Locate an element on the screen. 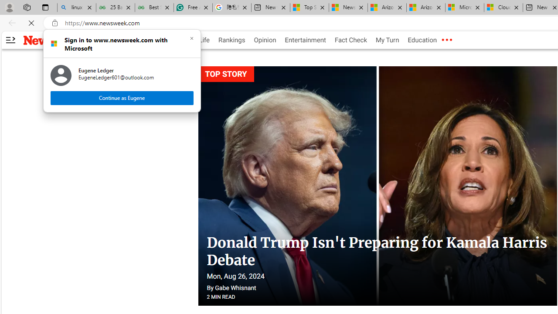 The image size is (558, 314). 'linux basic - Search' is located at coordinates (77, 7).